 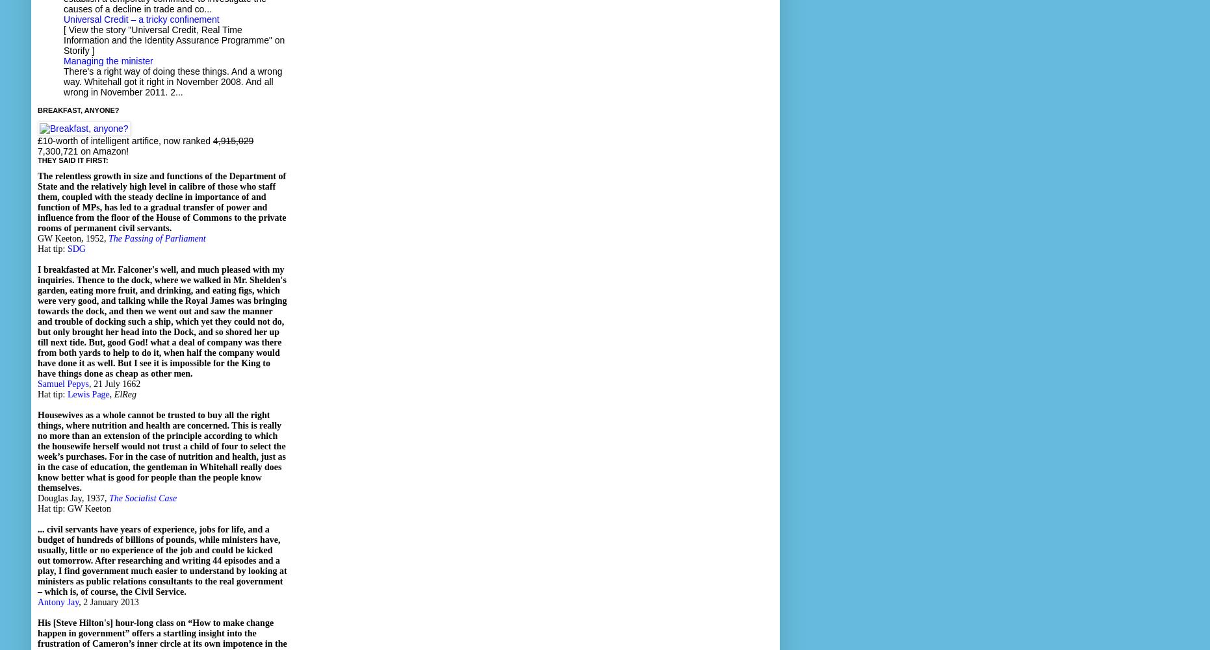 What do you see at coordinates (107, 60) in the screenshot?
I see `'Managing the minister'` at bounding box center [107, 60].